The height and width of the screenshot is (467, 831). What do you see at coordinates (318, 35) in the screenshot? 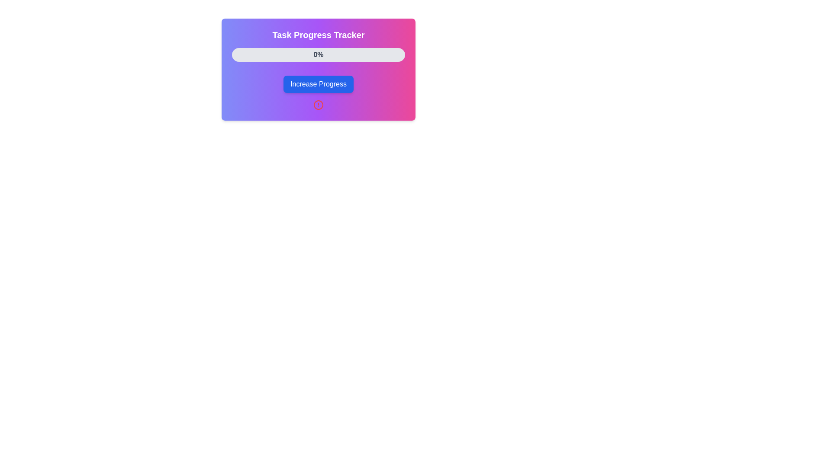
I see `the Text Label at the top of the interface that describes the purpose of tracking task progress` at bounding box center [318, 35].